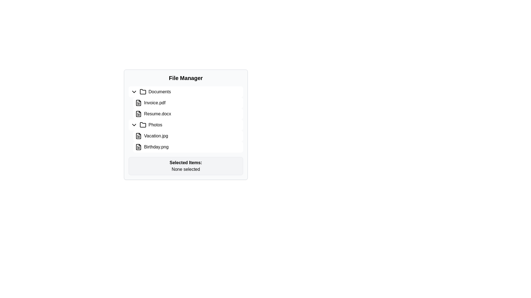  What do you see at coordinates (134, 91) in the screenshot?
I see `the Expandable icon` at bounding box center [134, 91].